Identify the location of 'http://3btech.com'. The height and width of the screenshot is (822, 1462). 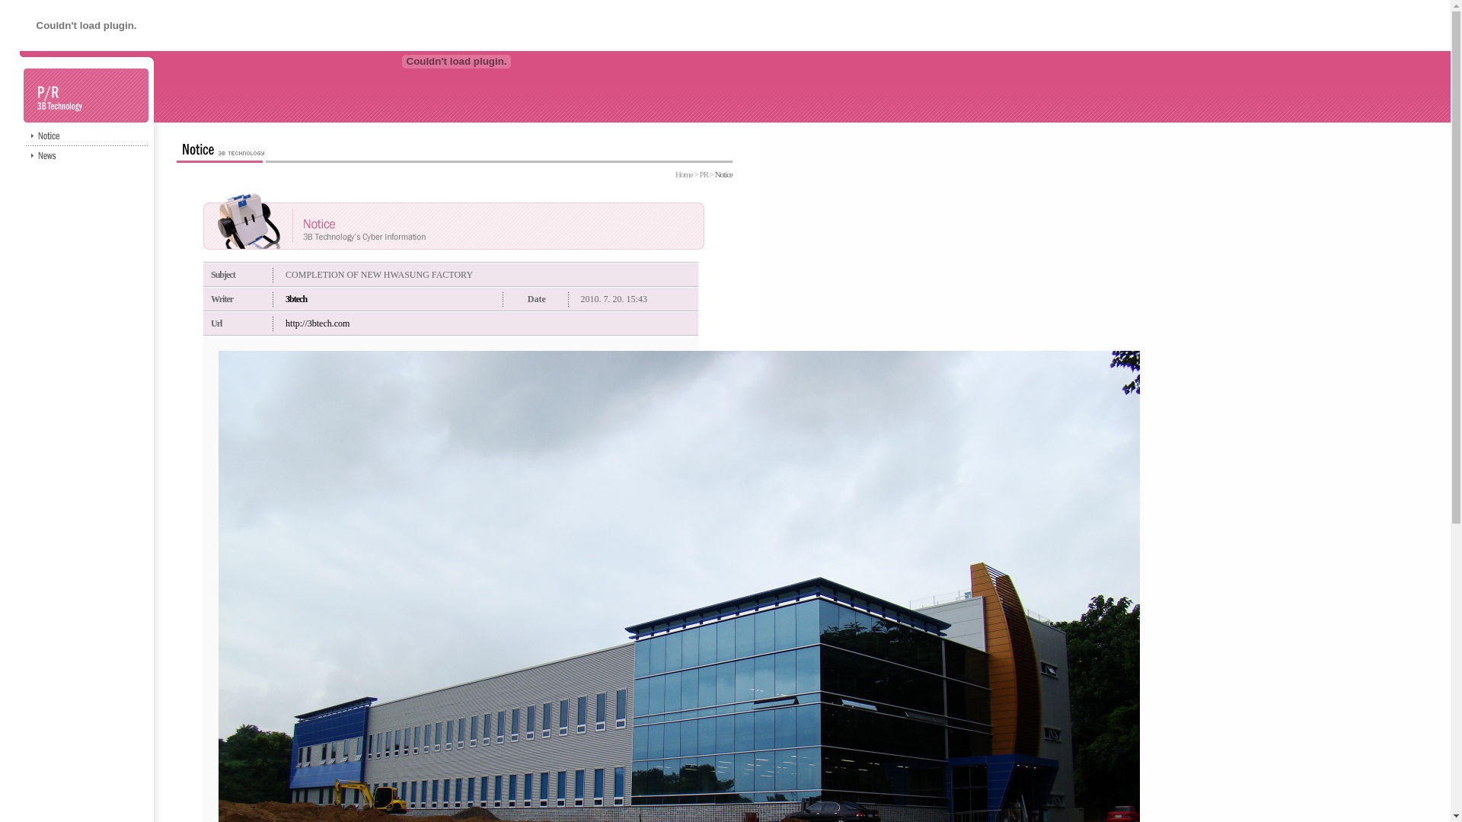
(317, 322).